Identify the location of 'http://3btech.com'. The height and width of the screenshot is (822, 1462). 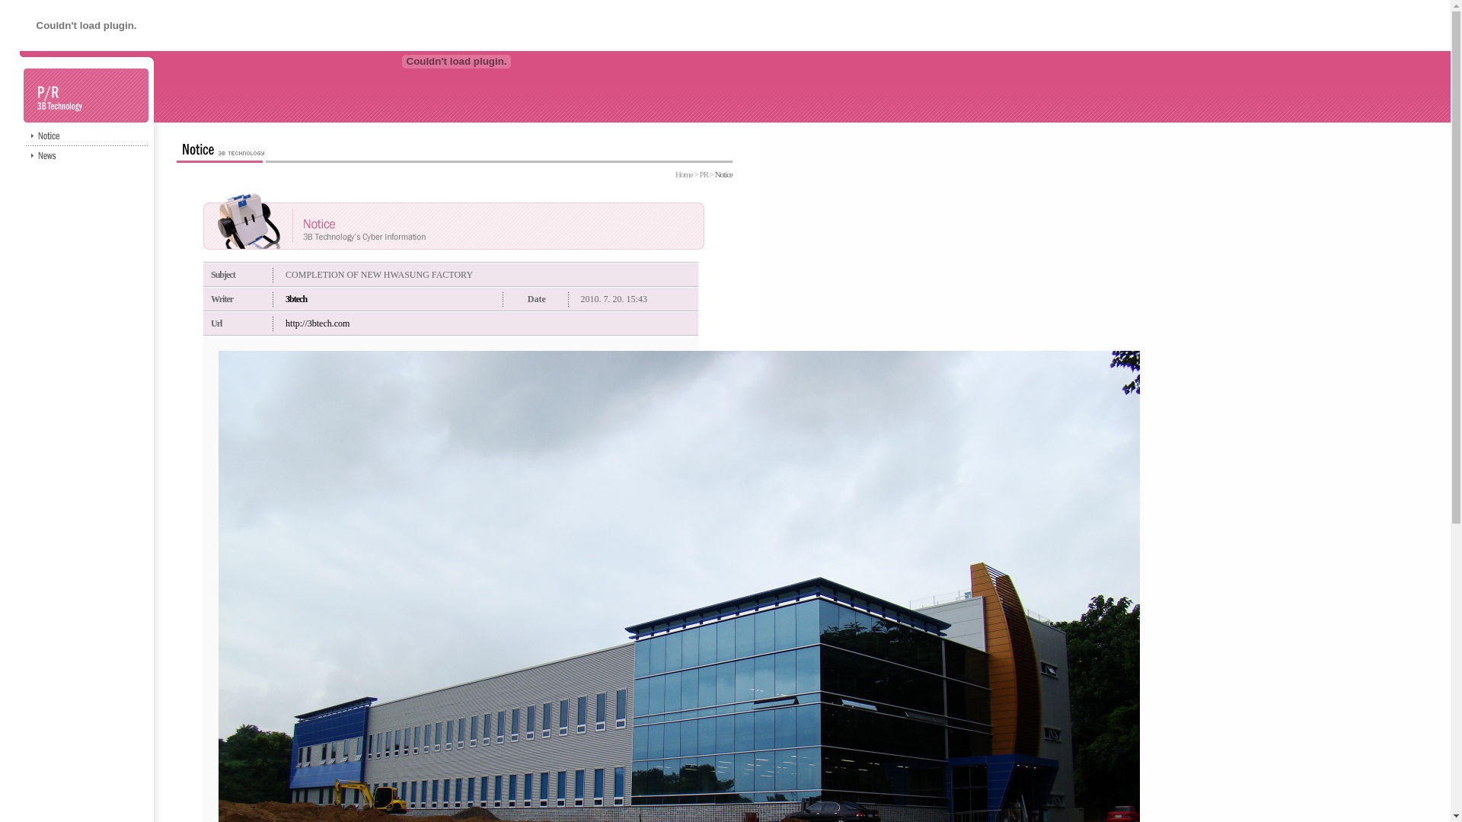
(317, 322).